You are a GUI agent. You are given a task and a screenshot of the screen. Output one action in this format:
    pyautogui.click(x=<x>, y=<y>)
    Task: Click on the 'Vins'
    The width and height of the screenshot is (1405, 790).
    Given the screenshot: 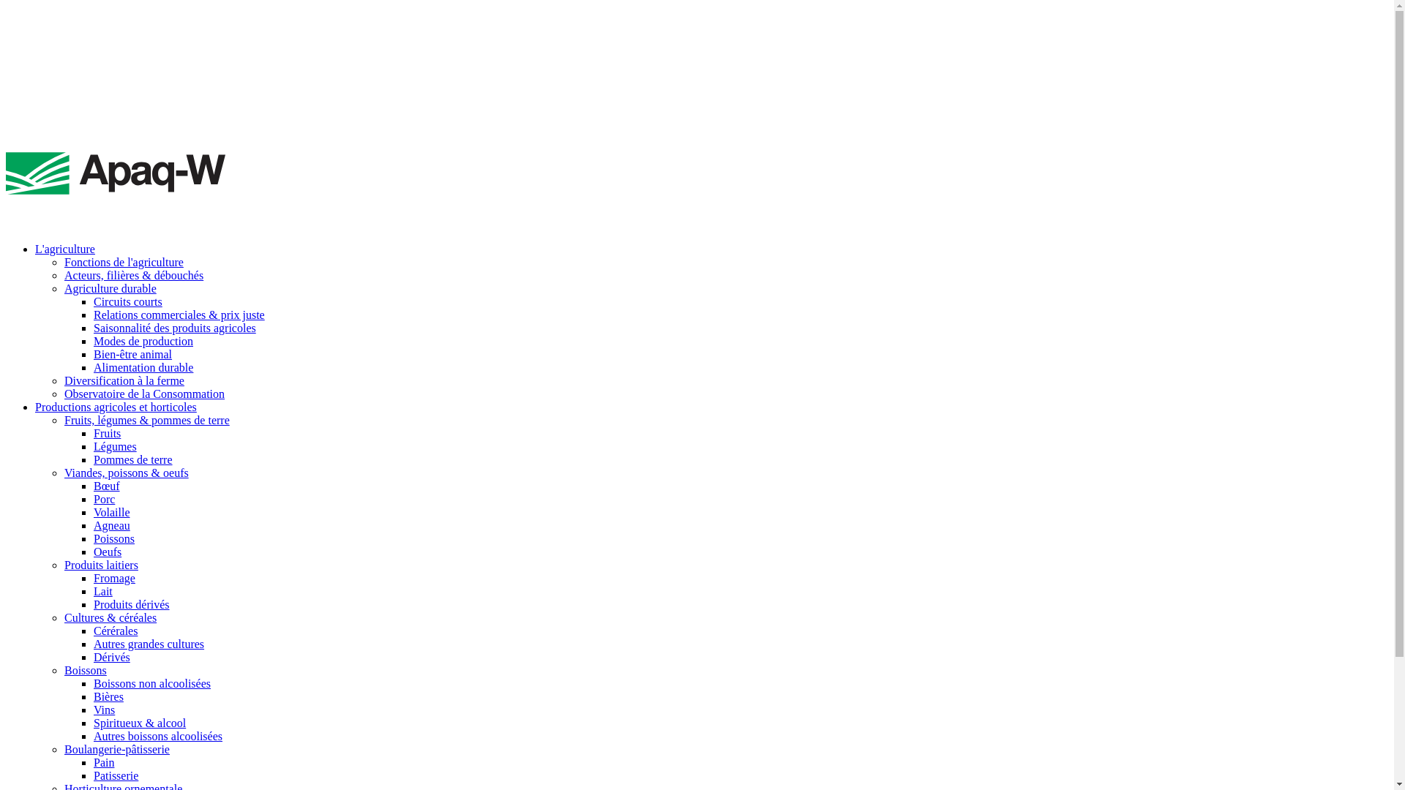 What is the action you would take?
    pyautogui.click(x=103, y=709)
    